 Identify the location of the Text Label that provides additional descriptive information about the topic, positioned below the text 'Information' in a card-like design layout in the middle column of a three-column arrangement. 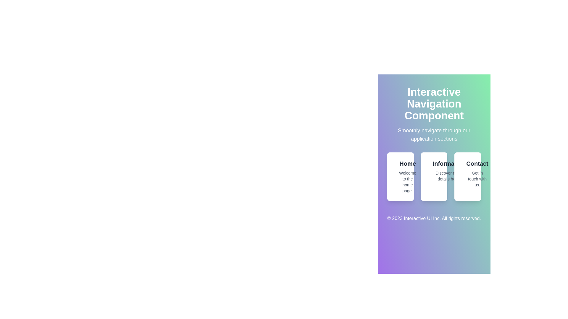
(449, 176).